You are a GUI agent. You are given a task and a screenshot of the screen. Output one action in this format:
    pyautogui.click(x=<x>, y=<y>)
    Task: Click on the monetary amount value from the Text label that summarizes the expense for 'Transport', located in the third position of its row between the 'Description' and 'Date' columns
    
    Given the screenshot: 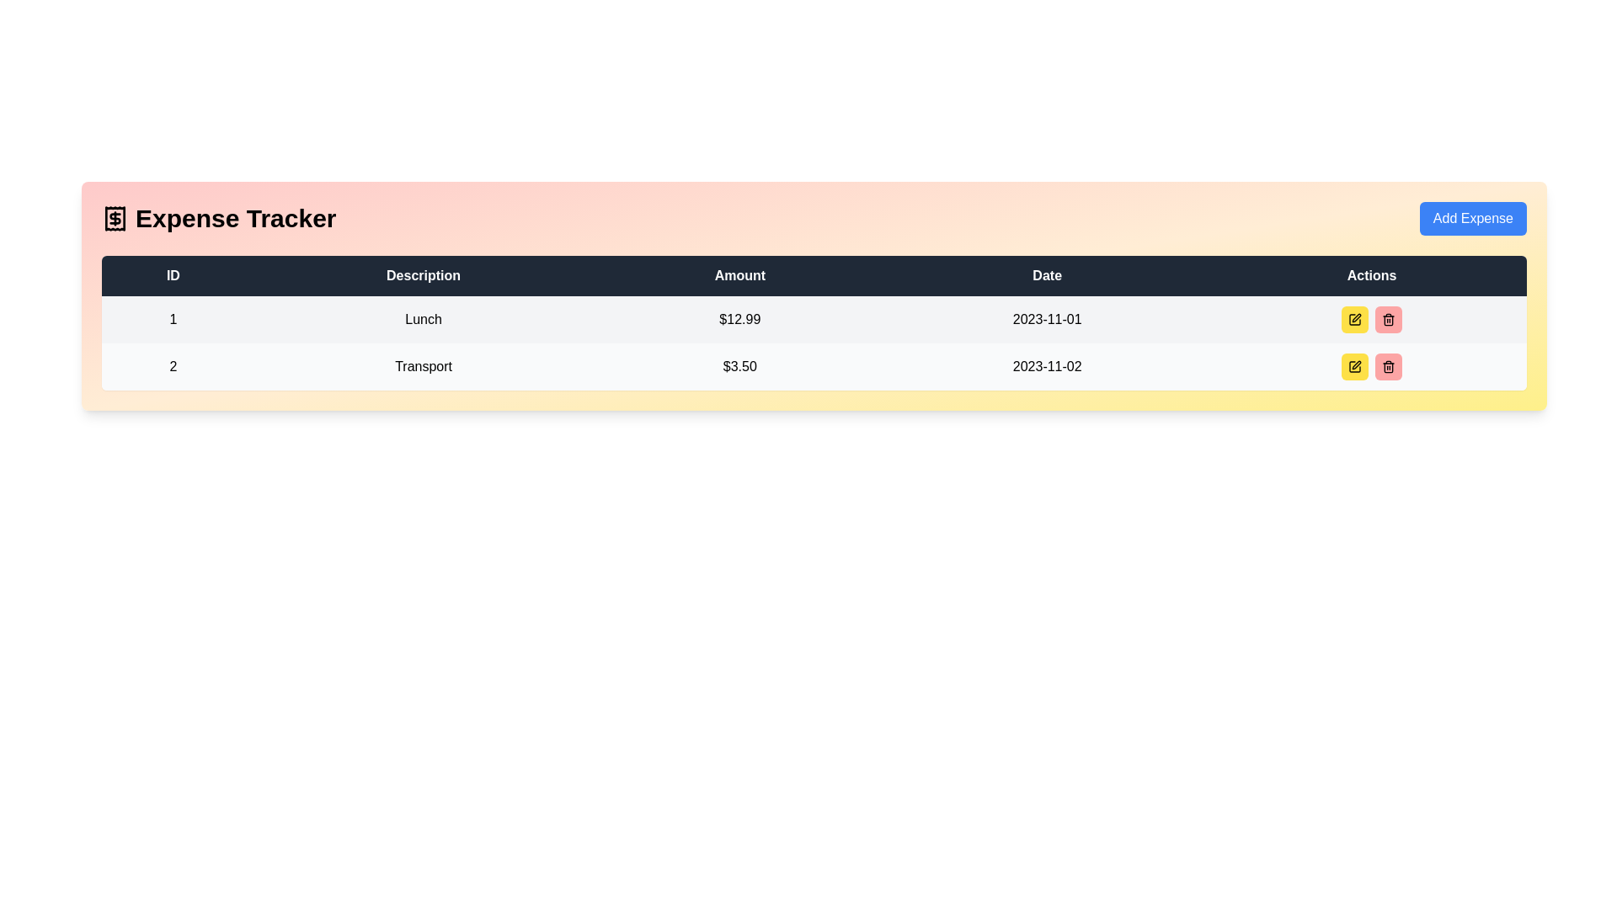 What is the action you would take?
    pyautogui.click(x=739, y=365)
    